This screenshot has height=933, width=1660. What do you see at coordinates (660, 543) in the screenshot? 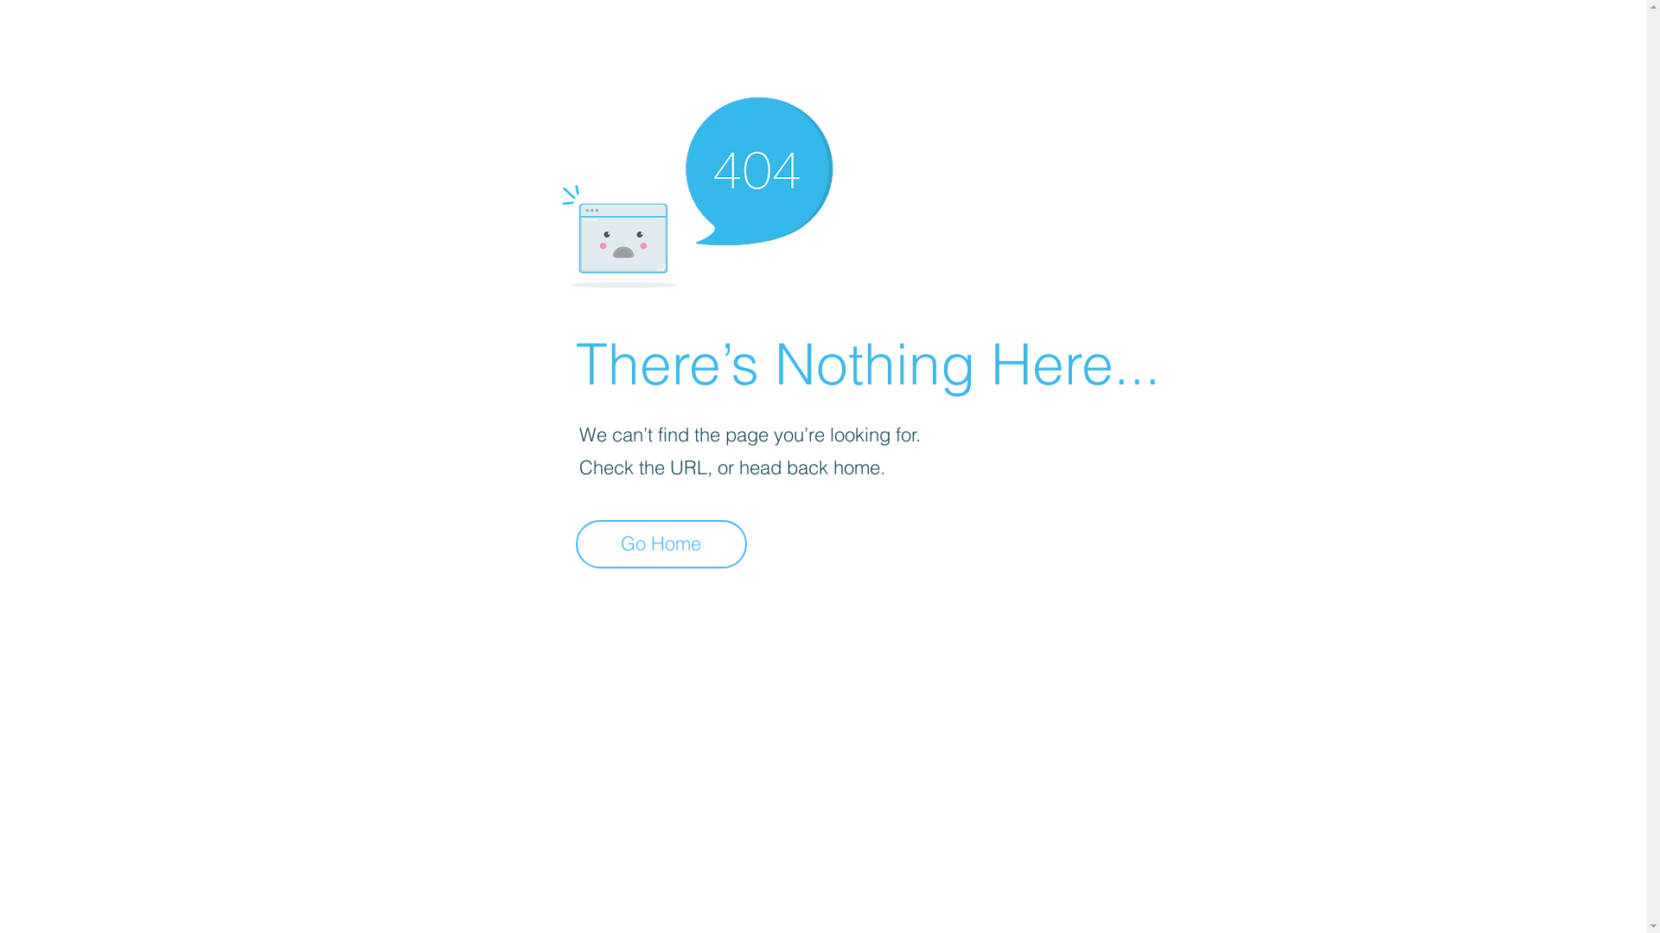
I see `'Go Home'` at bounding box center [660, 543].